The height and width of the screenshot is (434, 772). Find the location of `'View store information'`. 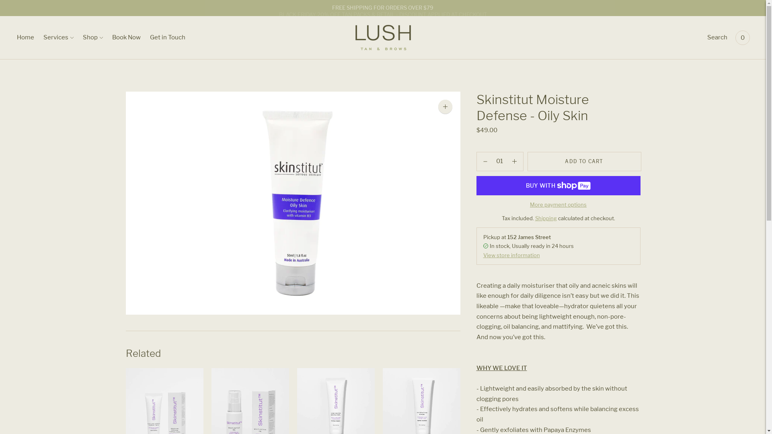

'View store information' is located at coordinates (482, 255).